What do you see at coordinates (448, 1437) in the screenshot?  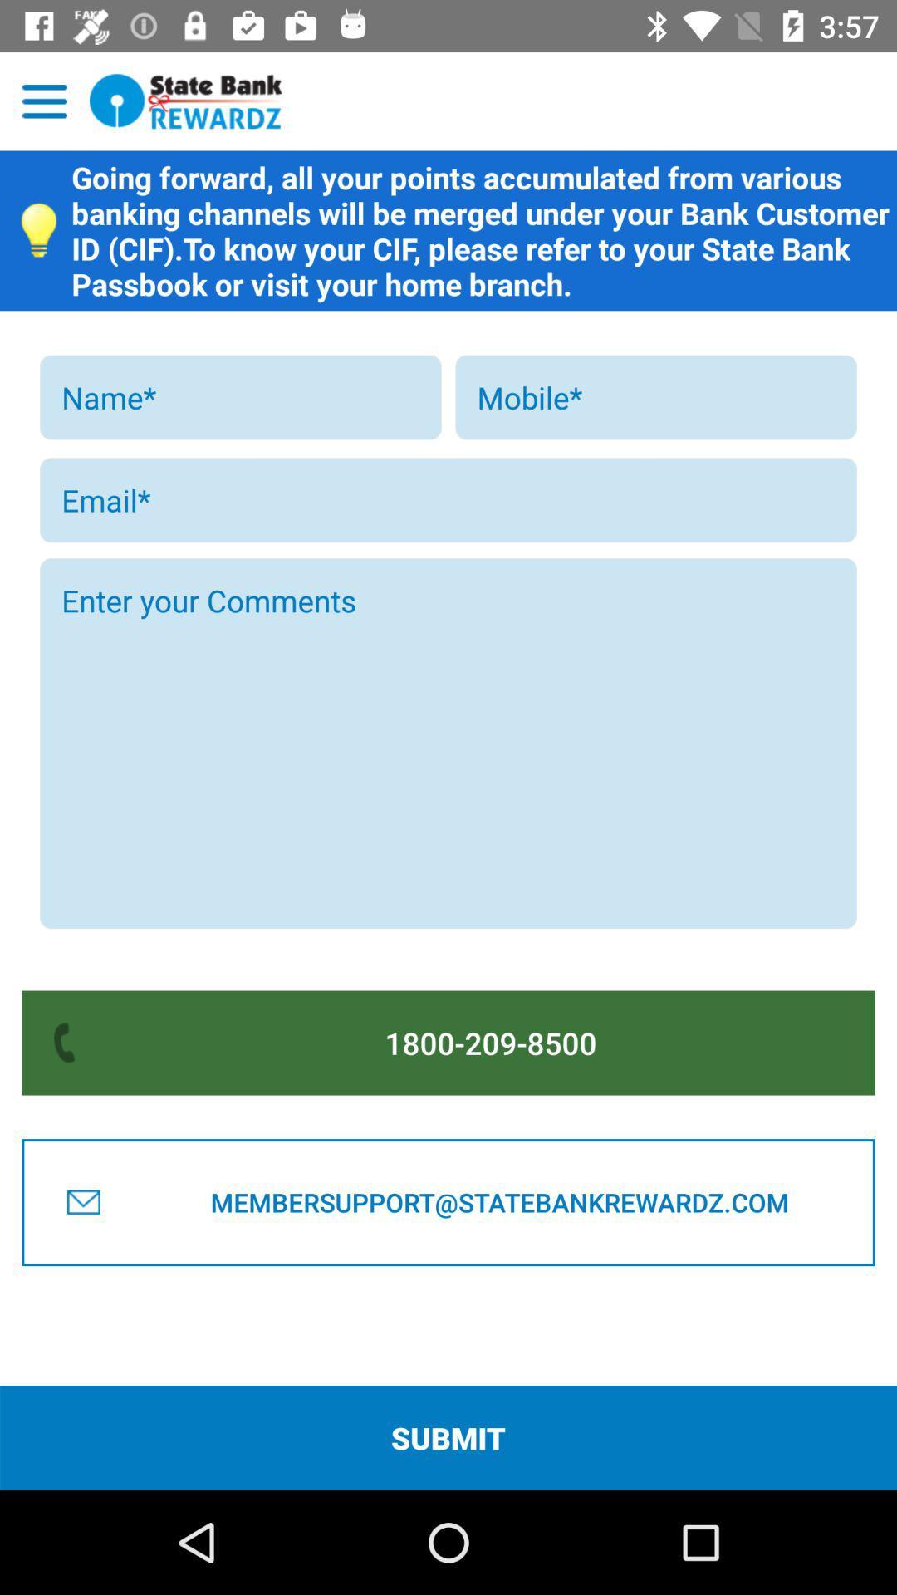 I see `the button below the membersupport@statebankrewardz.com button` at bounding box center [448, 1437].